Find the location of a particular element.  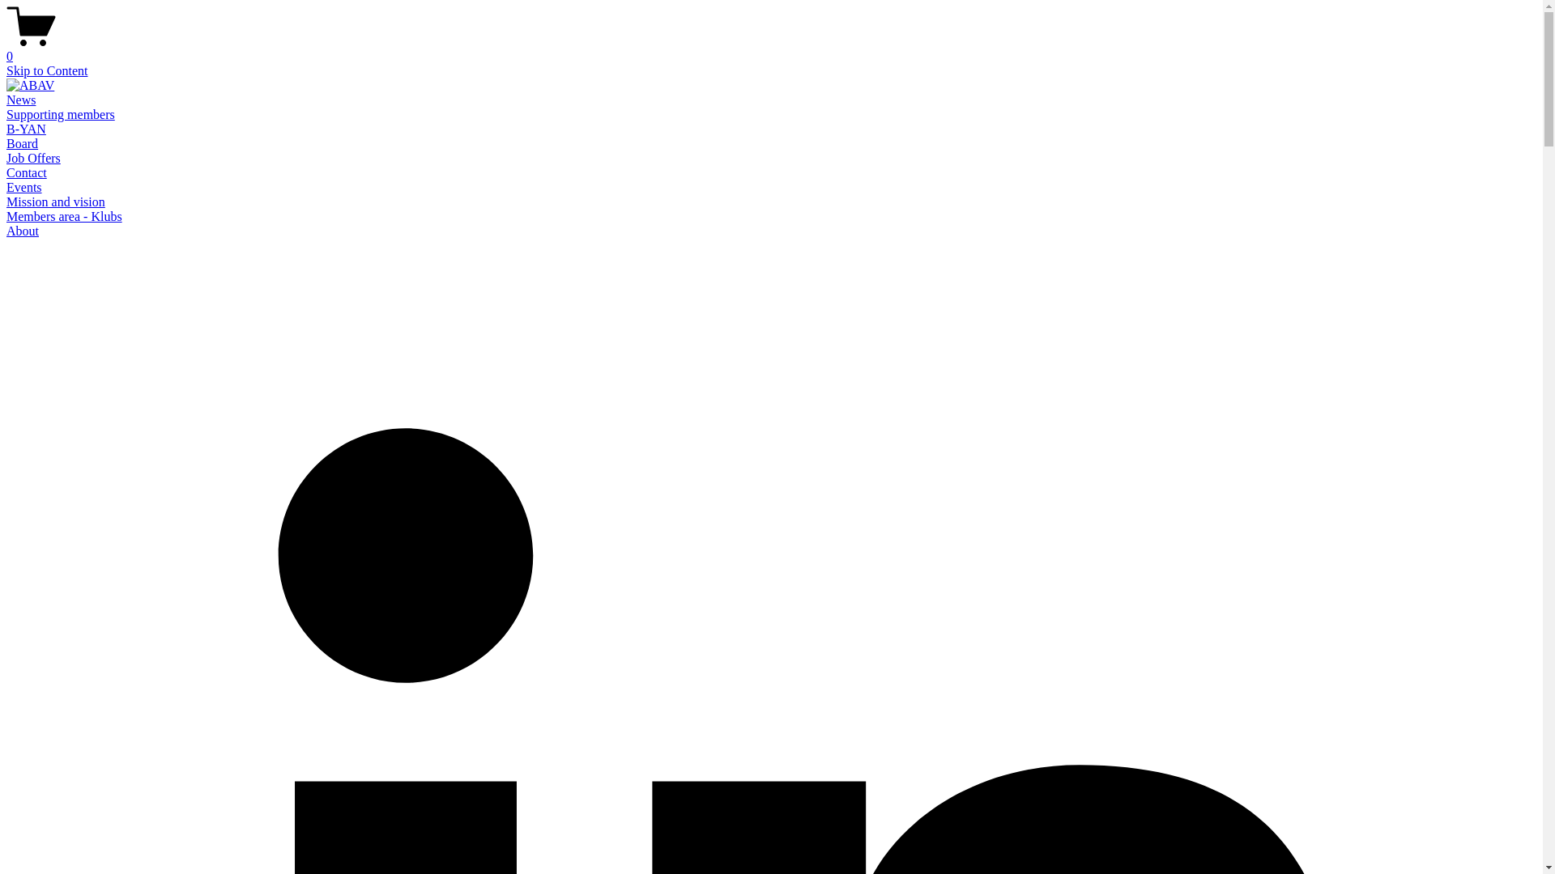

'Skip to Content' is located at coordinates (6, 70).